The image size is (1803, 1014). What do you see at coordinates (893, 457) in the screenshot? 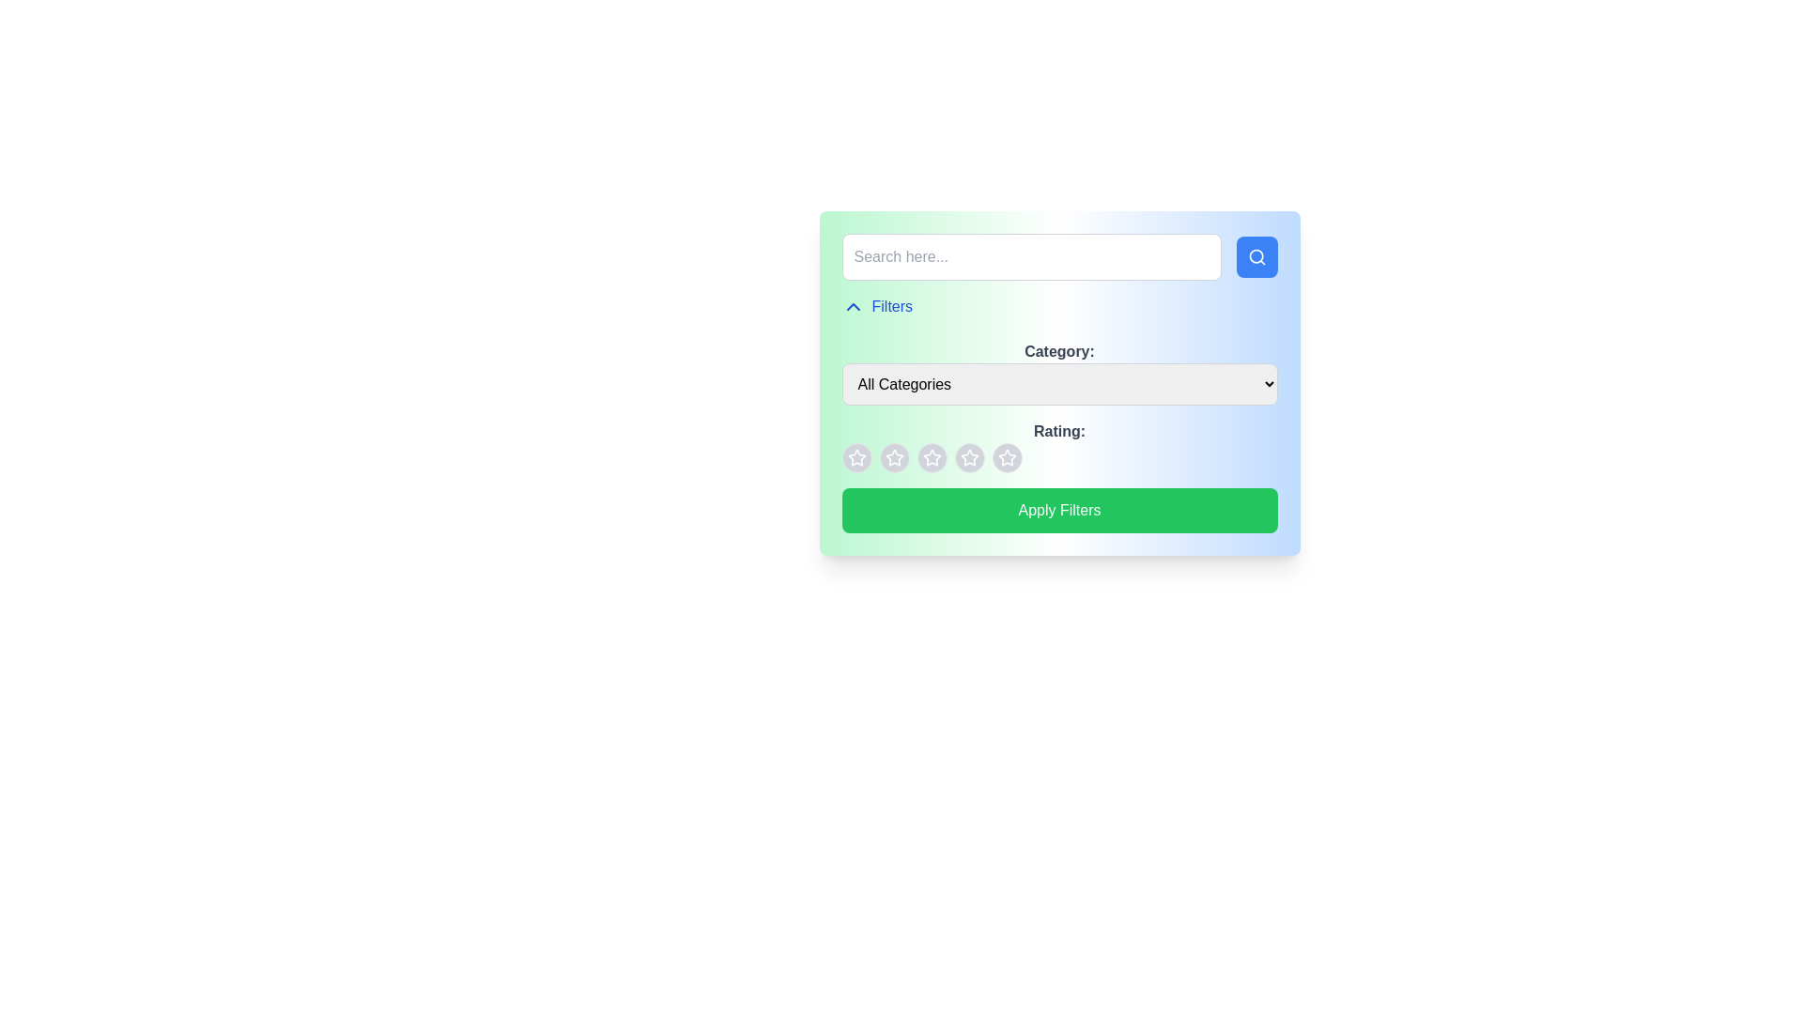
I see `the first star-like icon under the 'Rating' label in the filtering panel` at bounding box center [893, 457].